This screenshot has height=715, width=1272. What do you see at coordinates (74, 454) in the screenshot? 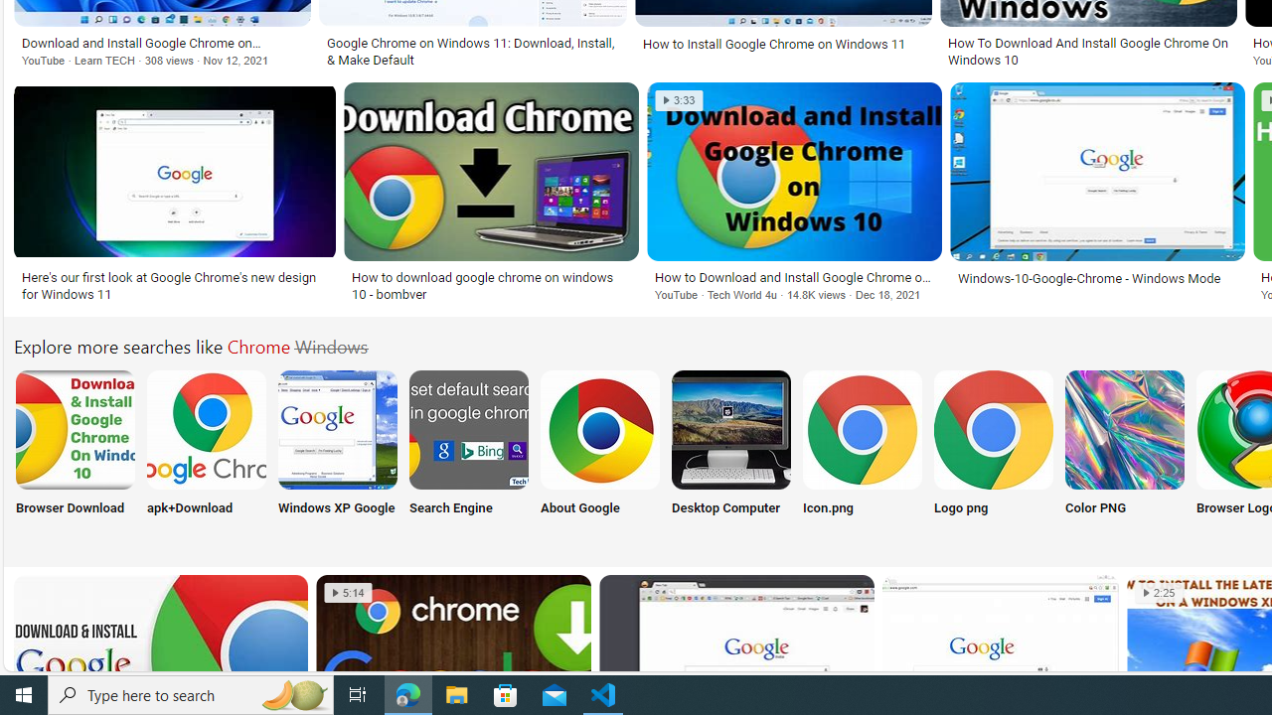
I see `'Browser Download'` at bounding box center [74, 454].